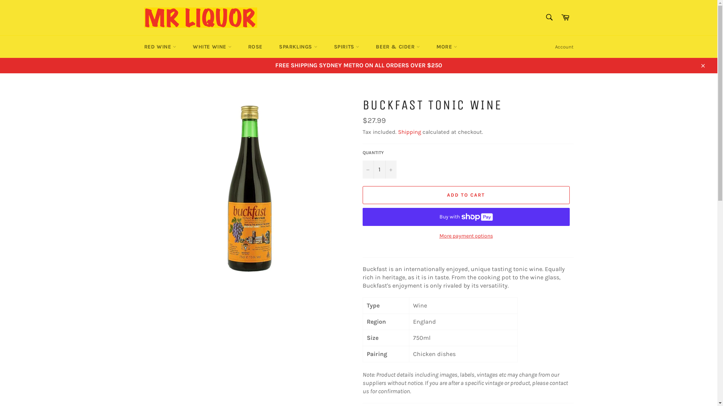 The height and width of the screenshot is (406, 723). What do you see at coordinates (540, 17) in the screenshot?
I see `'Search'` at bounding box center [540, 17].